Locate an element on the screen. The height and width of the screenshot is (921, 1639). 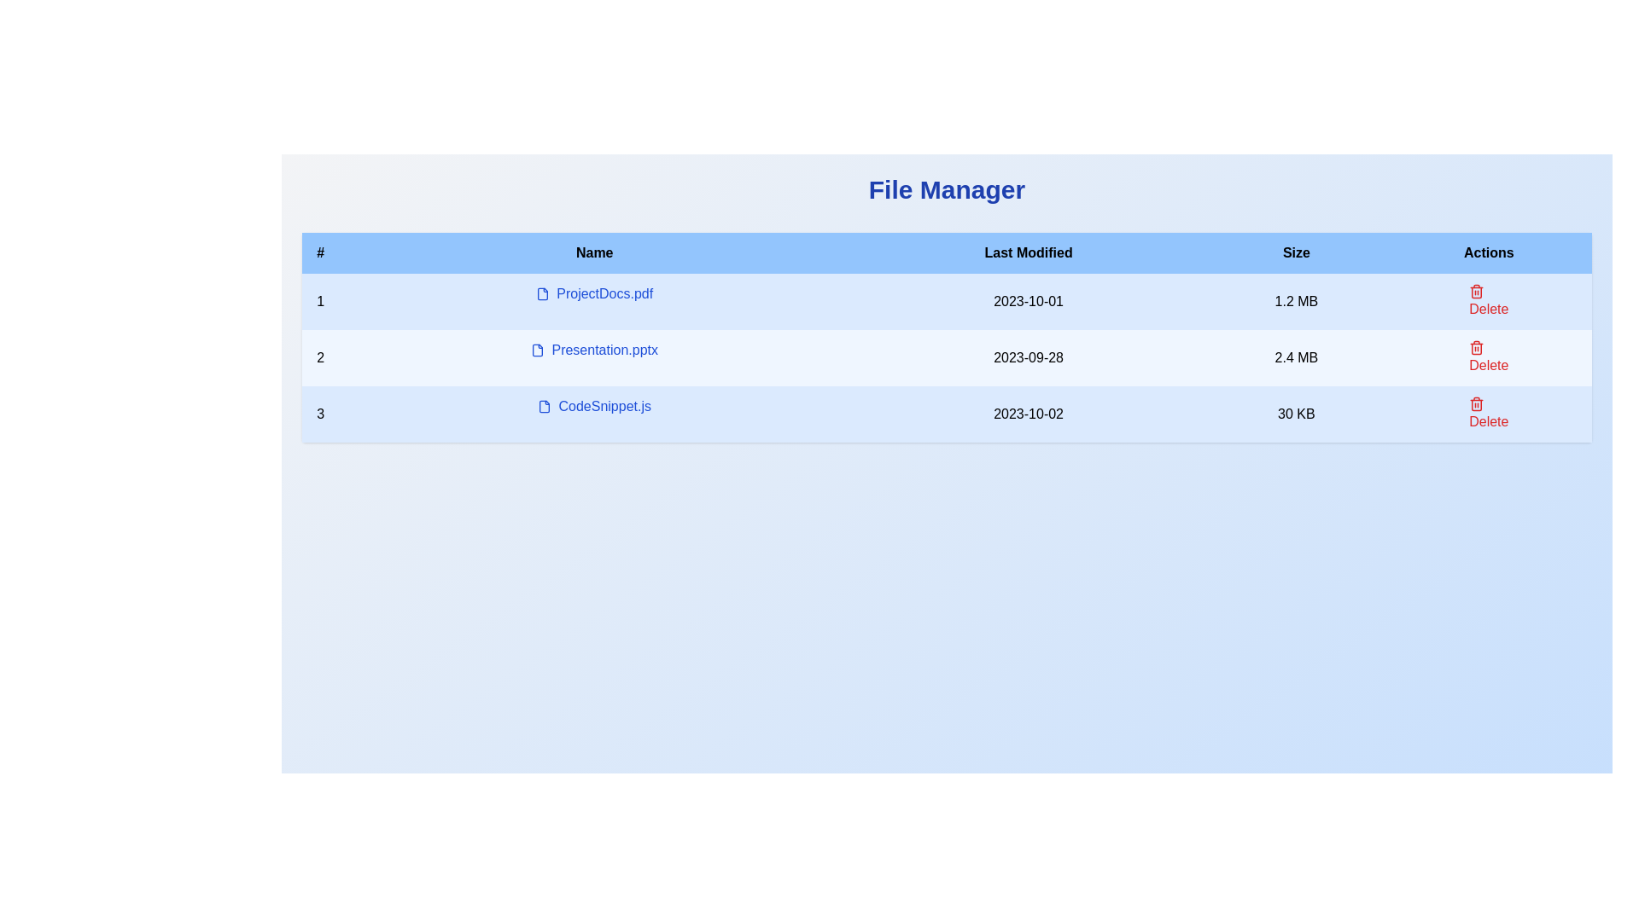
the static text element that displays the last modification date for the file 'Presentation.pptx' in the 'File Manager' interface is located at coordinates (1028, 357).